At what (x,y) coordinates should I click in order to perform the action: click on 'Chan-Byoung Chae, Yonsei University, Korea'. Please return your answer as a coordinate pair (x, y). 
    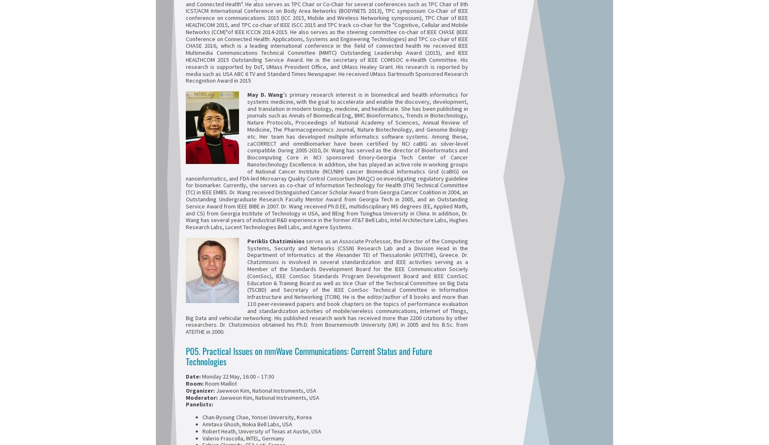
    Looking at the image, I should click on (257, 417).